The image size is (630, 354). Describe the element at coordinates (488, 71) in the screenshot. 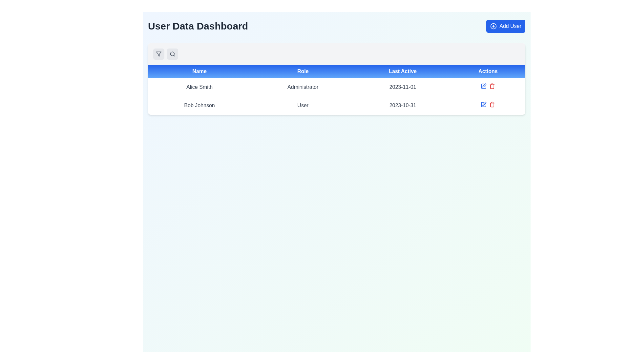

I see `the rightmost header label that indicates the type of content displayed in the column below, which is positioned to the right of the 'Last Active' label` at that location.